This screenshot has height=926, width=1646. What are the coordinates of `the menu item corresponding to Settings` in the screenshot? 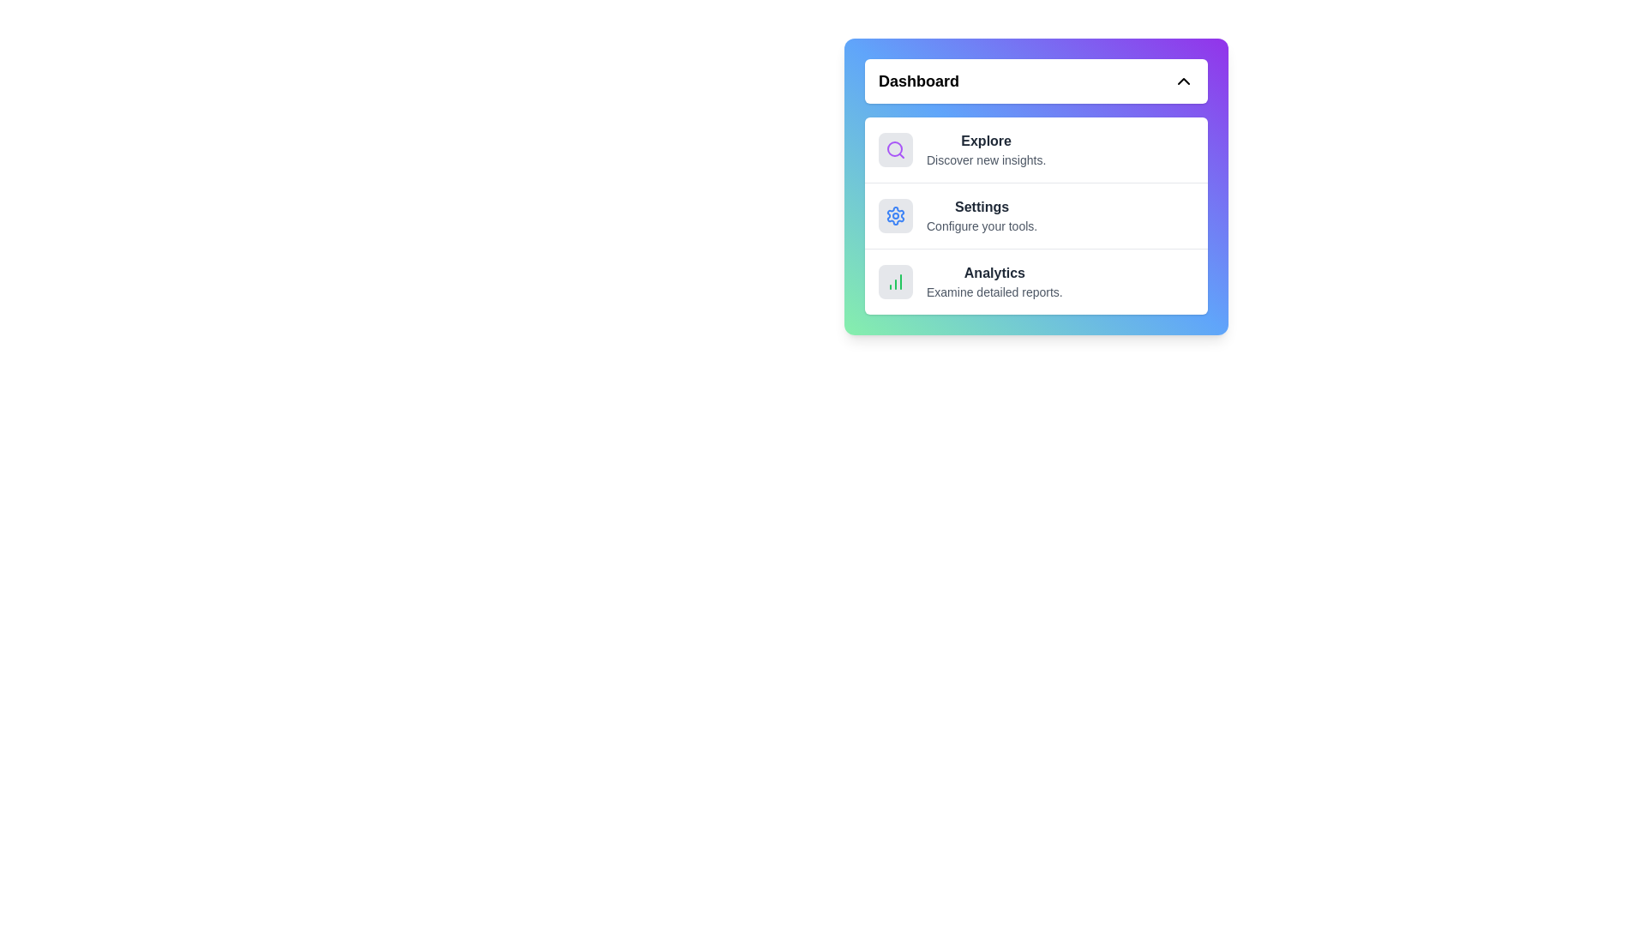 It's located at (1036, 214).